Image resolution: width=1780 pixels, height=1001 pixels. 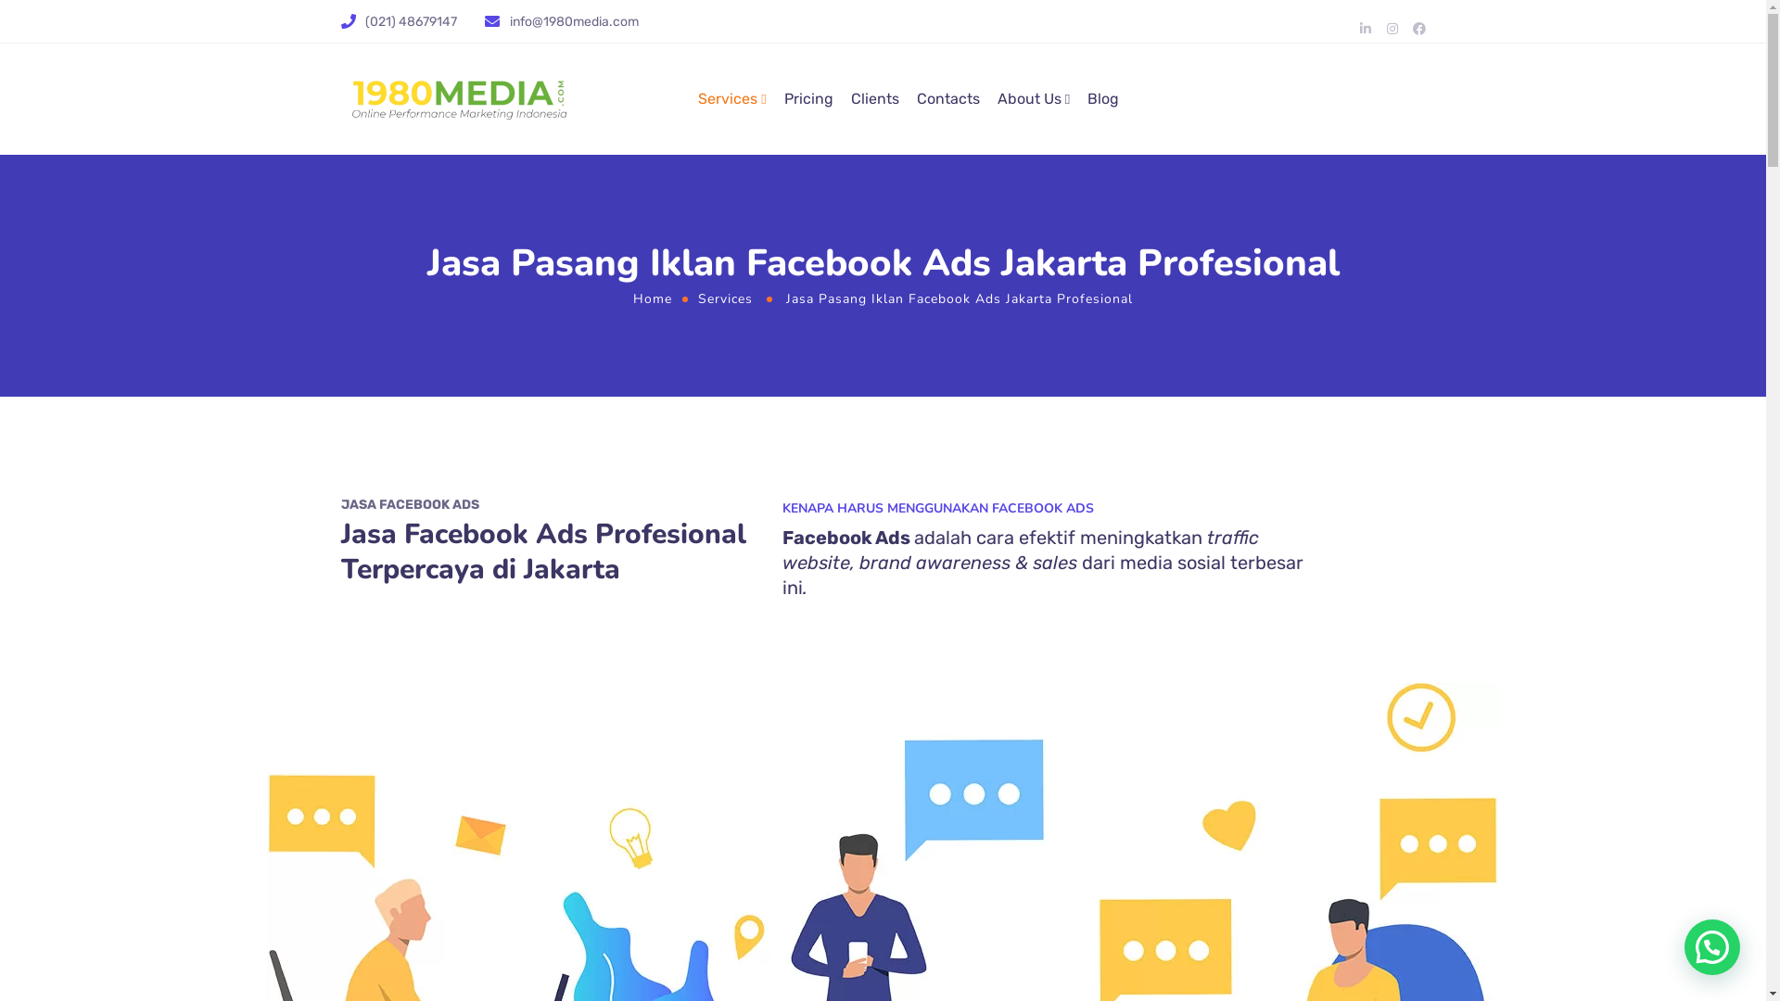 I want to click on 'Pricing', so click(x=808, y=99).